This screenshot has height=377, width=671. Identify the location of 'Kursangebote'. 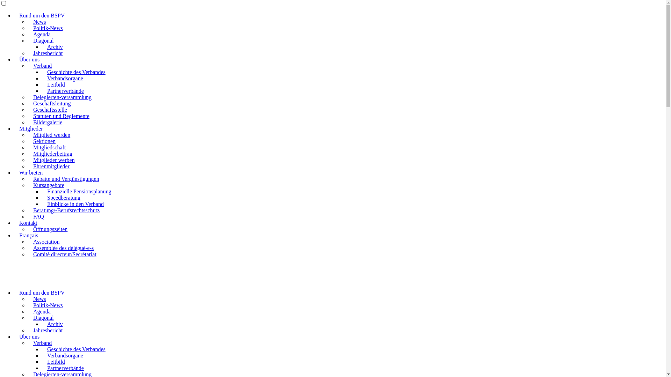
(28, 185).